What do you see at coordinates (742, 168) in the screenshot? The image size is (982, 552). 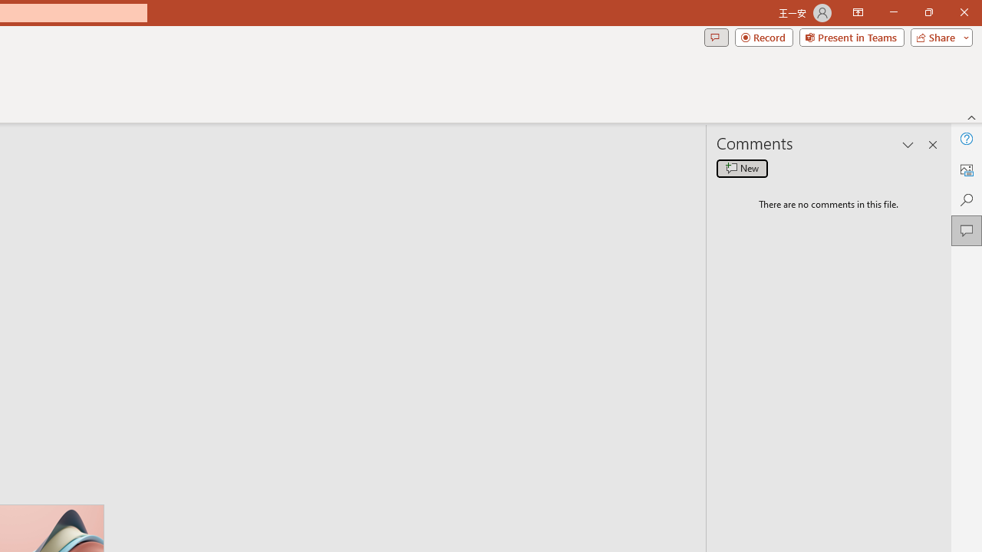 I see `'New comment'` at bounding box center [742, 168].